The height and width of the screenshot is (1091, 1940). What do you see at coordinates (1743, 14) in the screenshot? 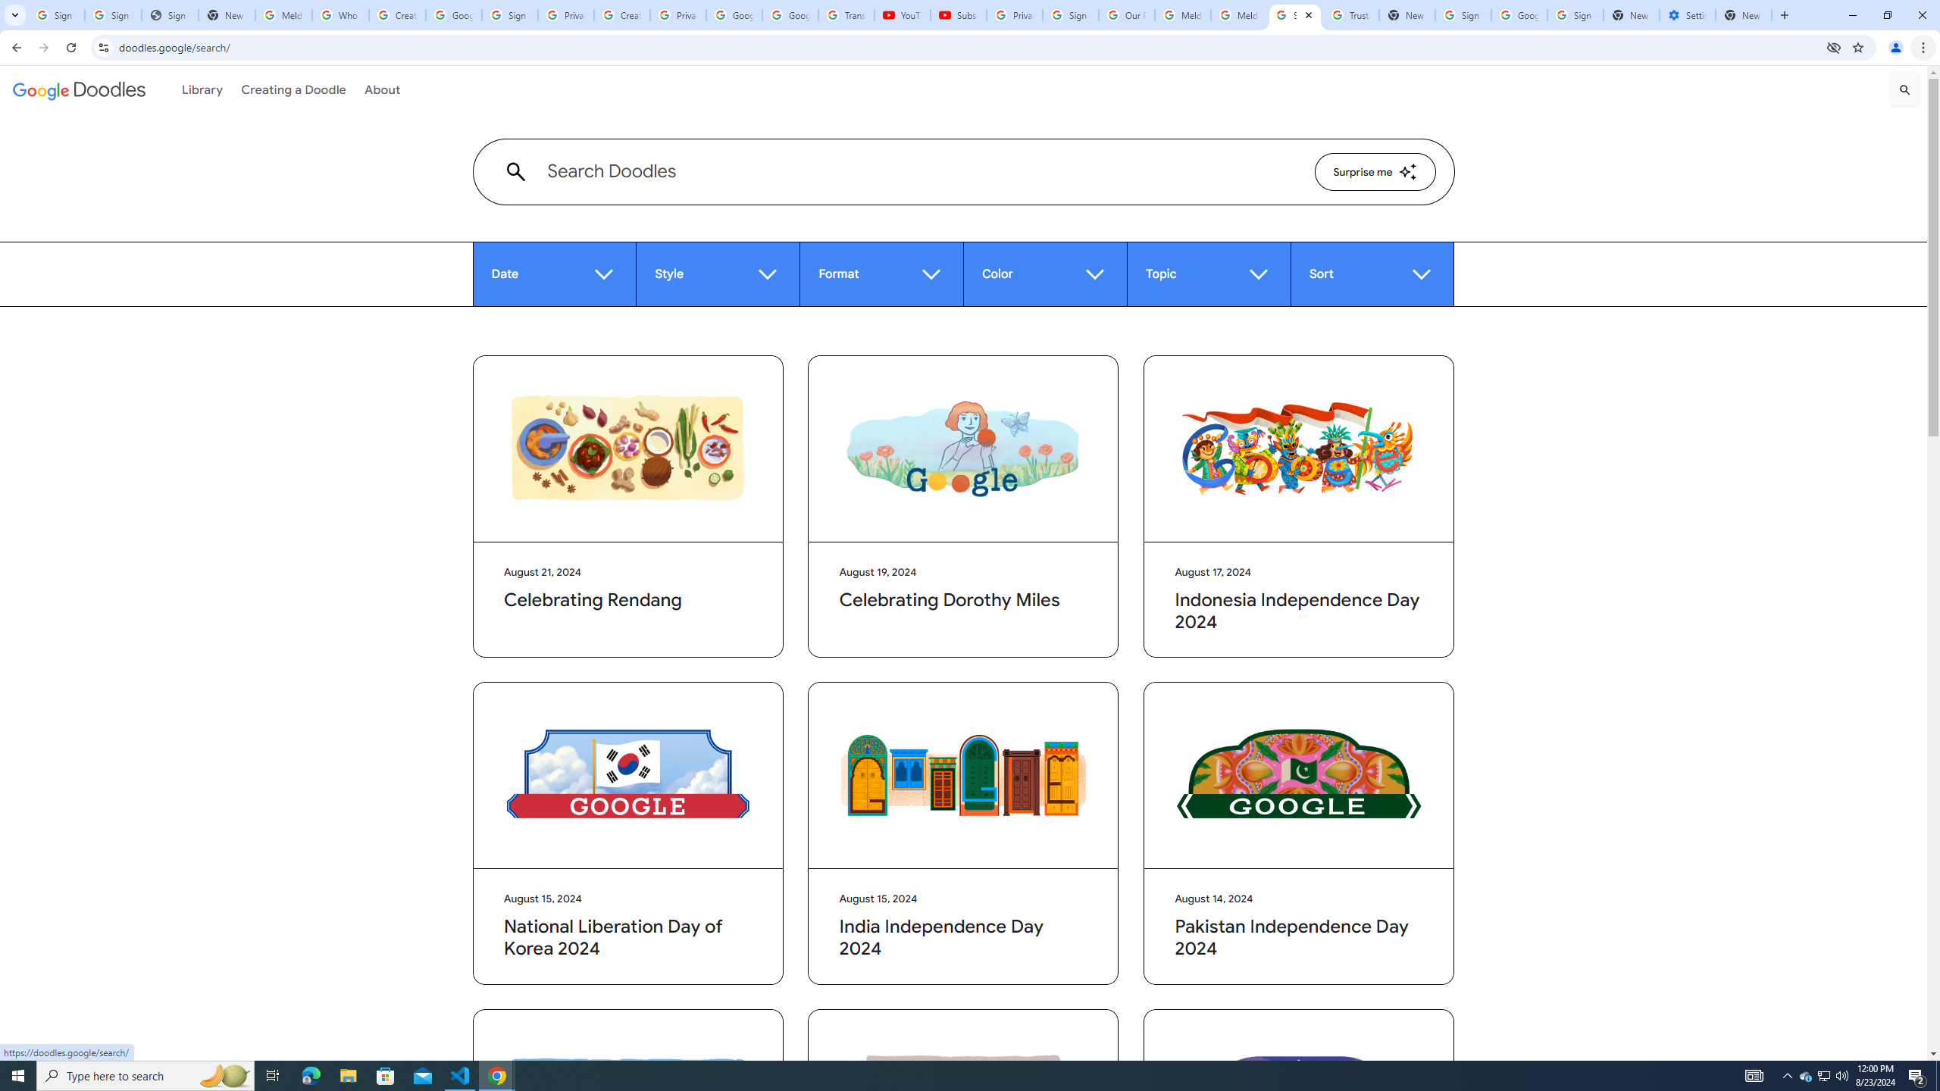
I see `'New Tab'` at bounding box center [1743, 14].